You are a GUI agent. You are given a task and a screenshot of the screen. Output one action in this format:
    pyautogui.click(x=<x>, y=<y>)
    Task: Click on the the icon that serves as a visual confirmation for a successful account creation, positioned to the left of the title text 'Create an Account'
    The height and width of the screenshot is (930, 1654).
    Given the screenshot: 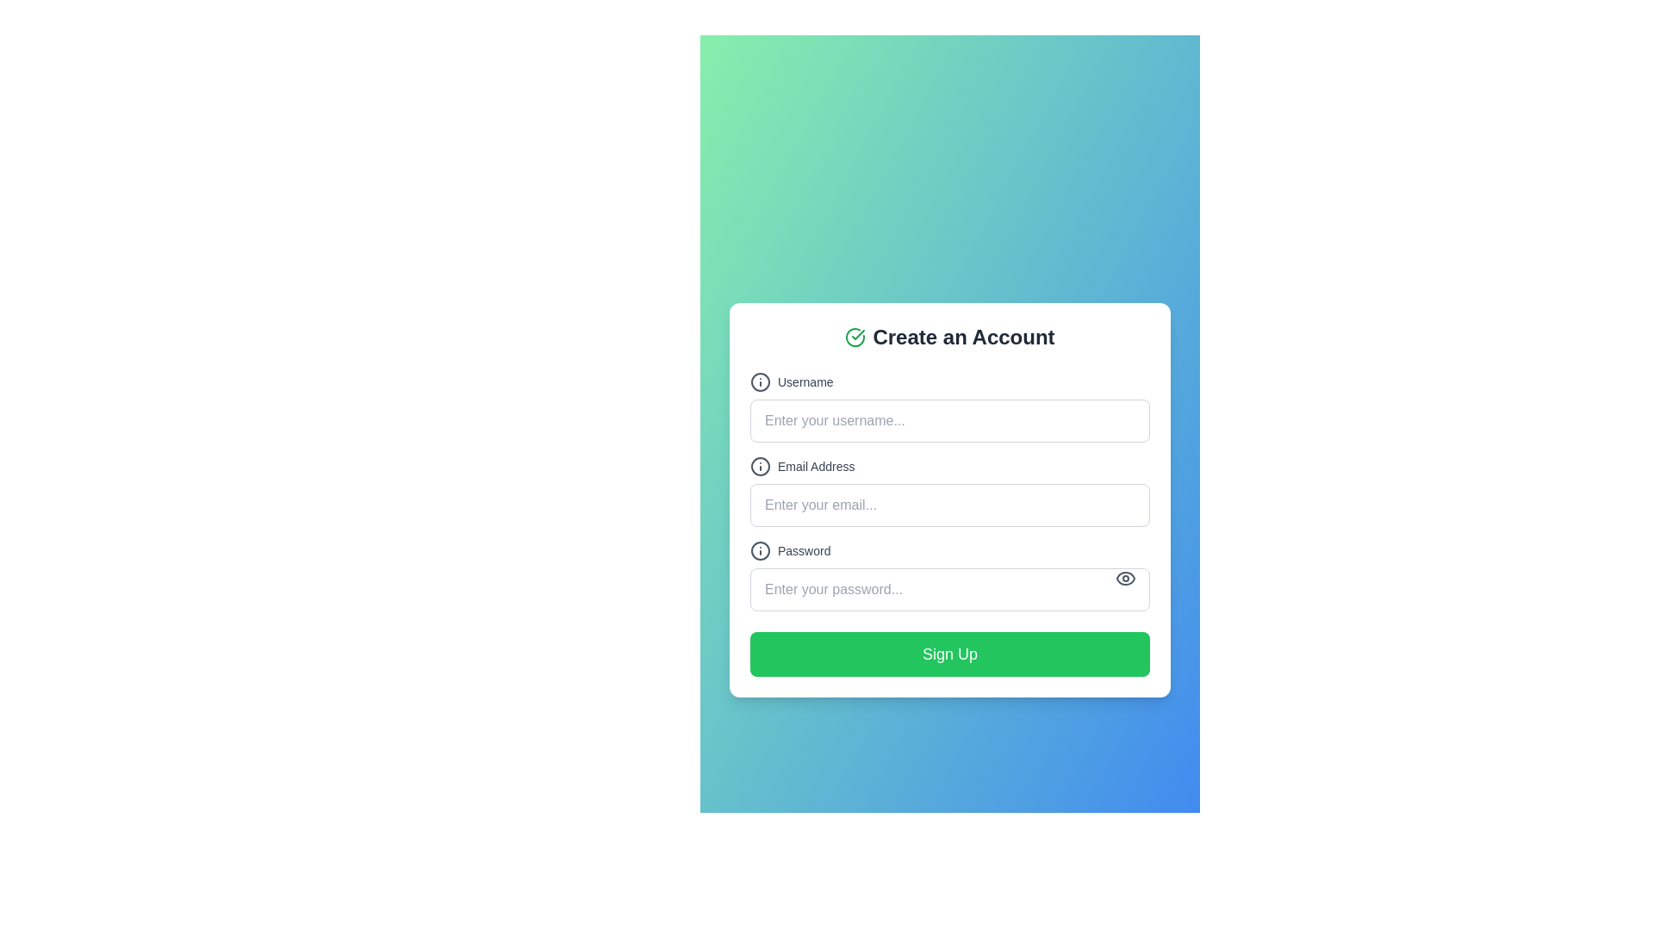 What is the action you would take?
    pyautogui.click(x=855, y=338)
    